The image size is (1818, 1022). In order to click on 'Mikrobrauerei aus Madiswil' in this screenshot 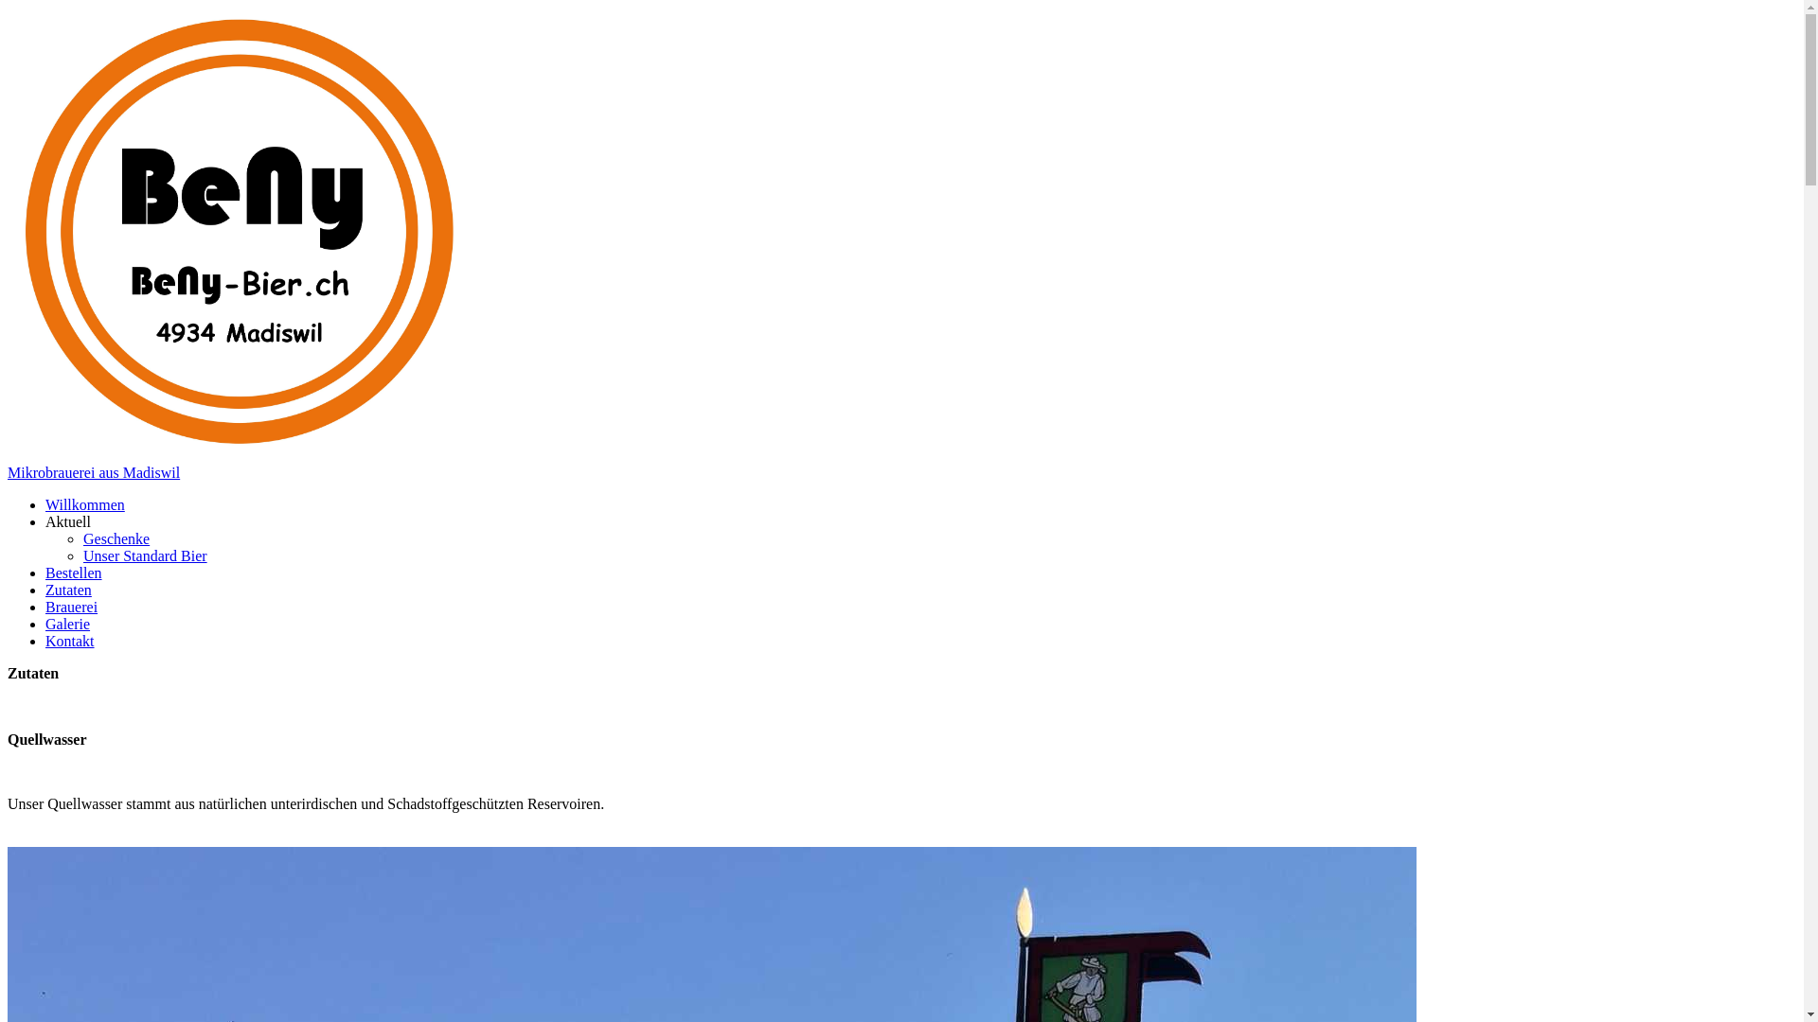, I will do `click(93, 470)`.